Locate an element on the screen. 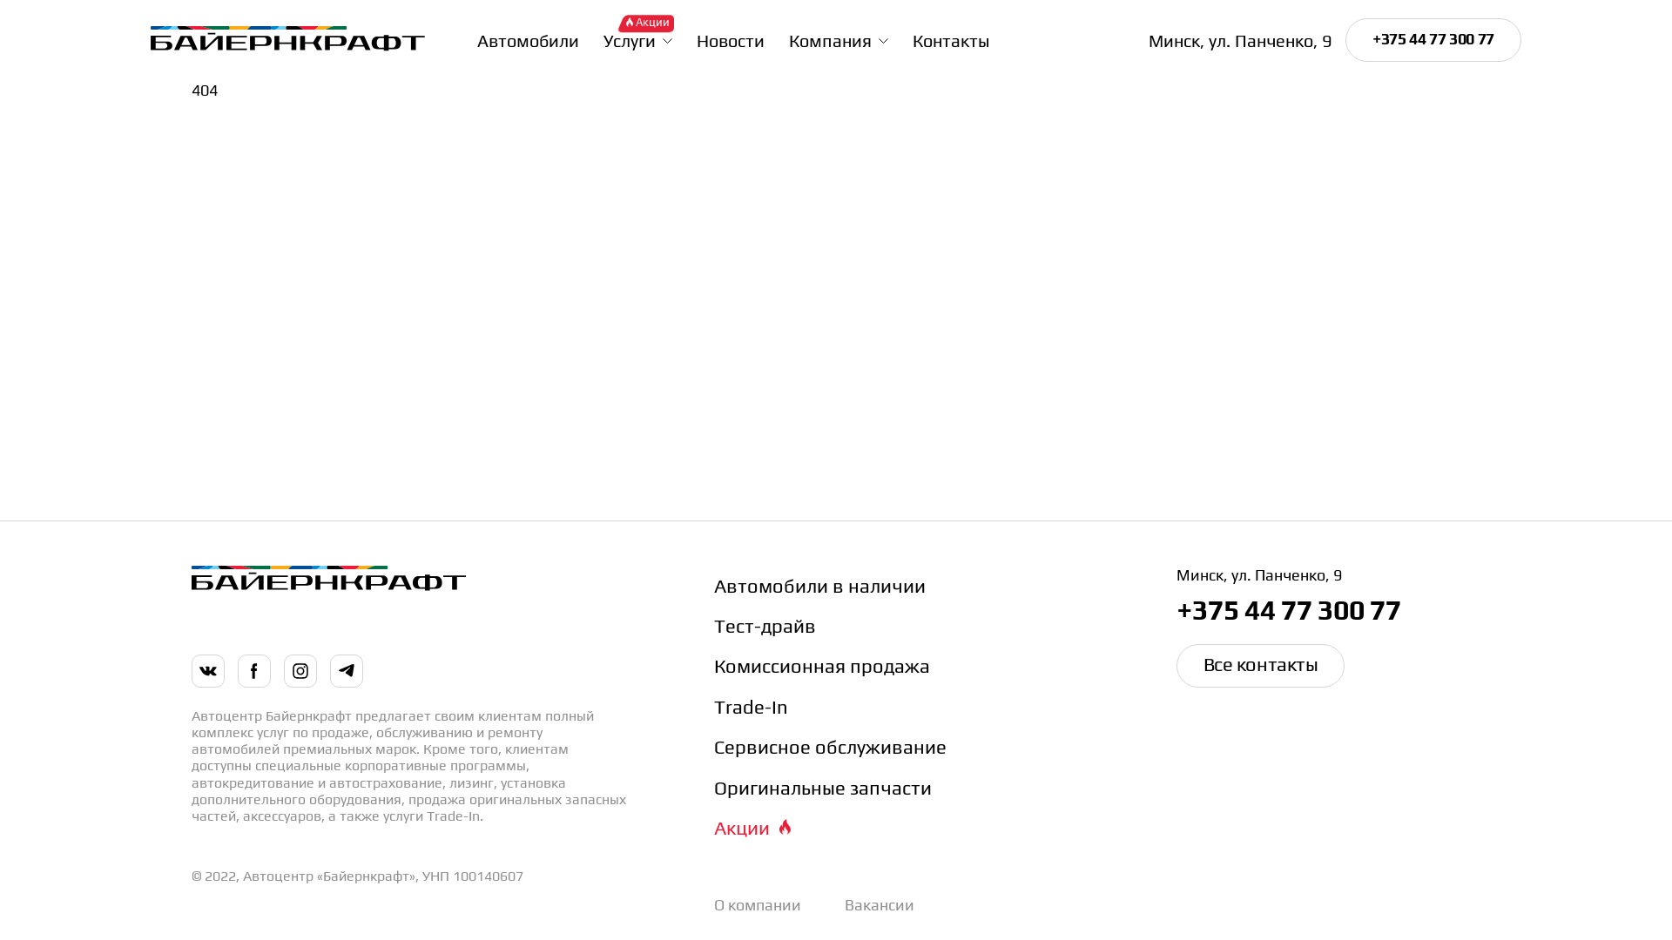  '+375 44 77 300 77' is located at coordinates (1433, 39).